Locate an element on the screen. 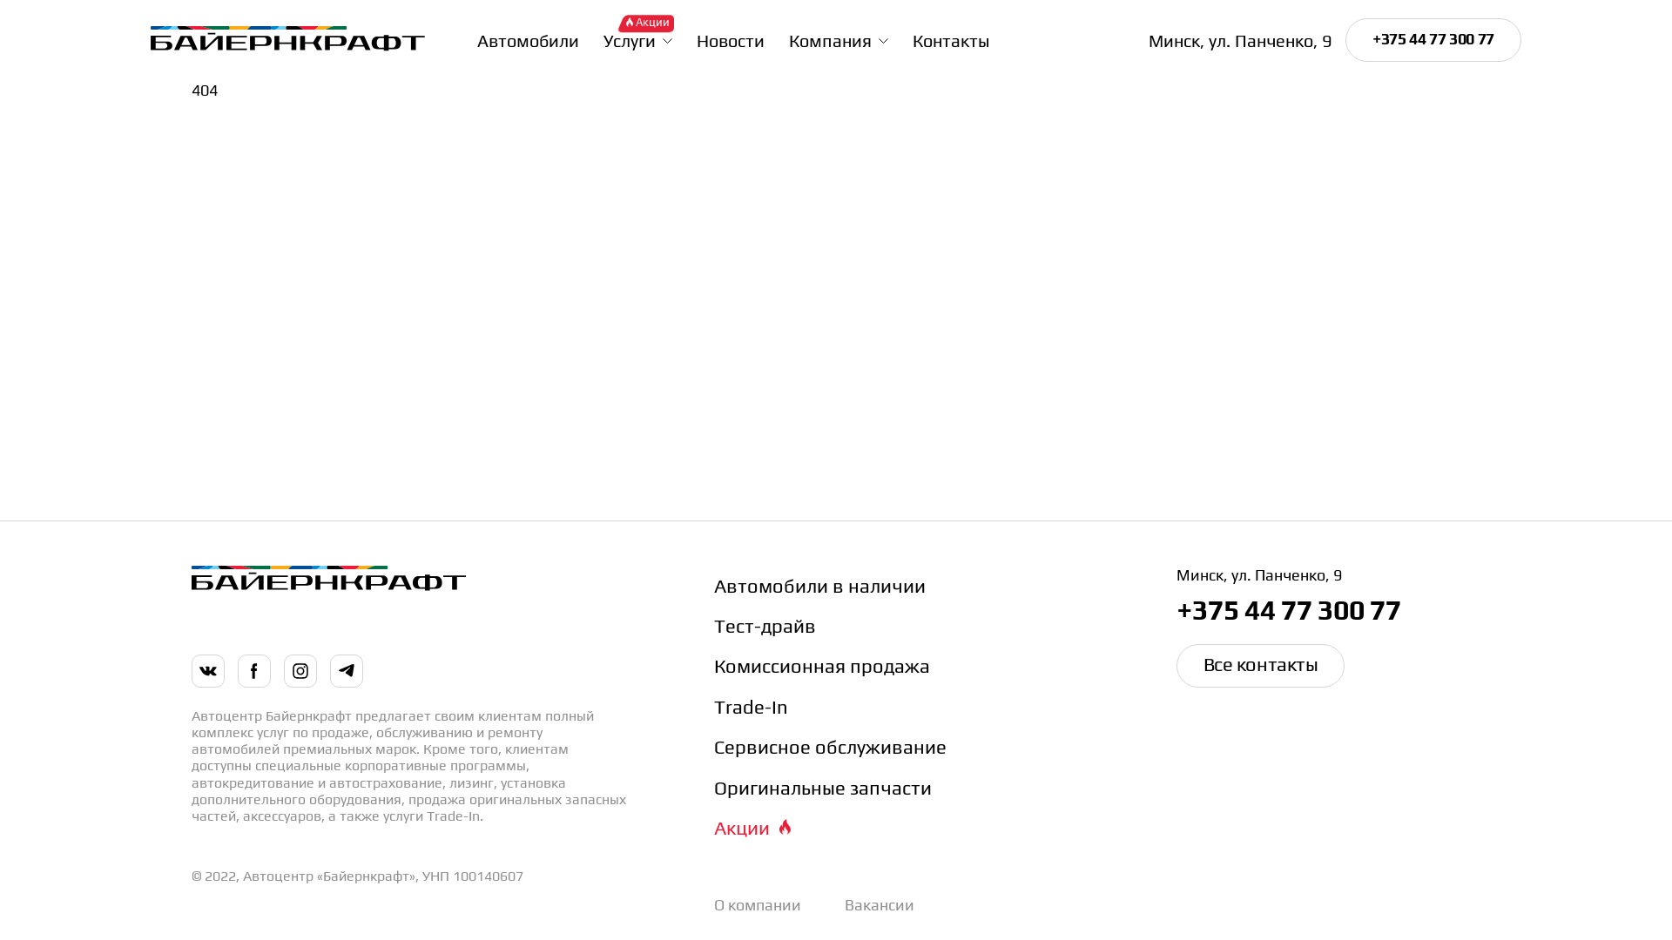  '+375 44 77 300 77' is located at coordinates (1433, 39).